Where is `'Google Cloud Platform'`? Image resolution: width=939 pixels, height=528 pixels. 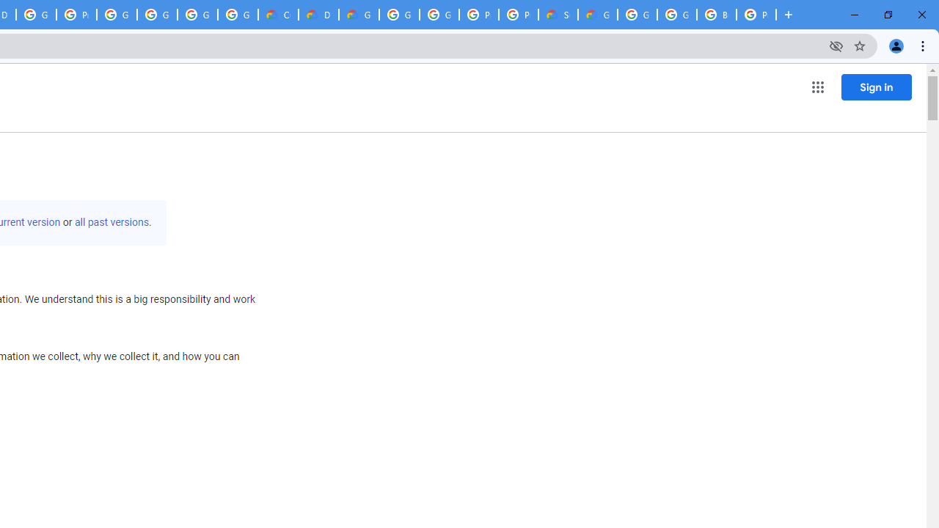
'Google Cloud Platform' is located at coordinates (439, 15).